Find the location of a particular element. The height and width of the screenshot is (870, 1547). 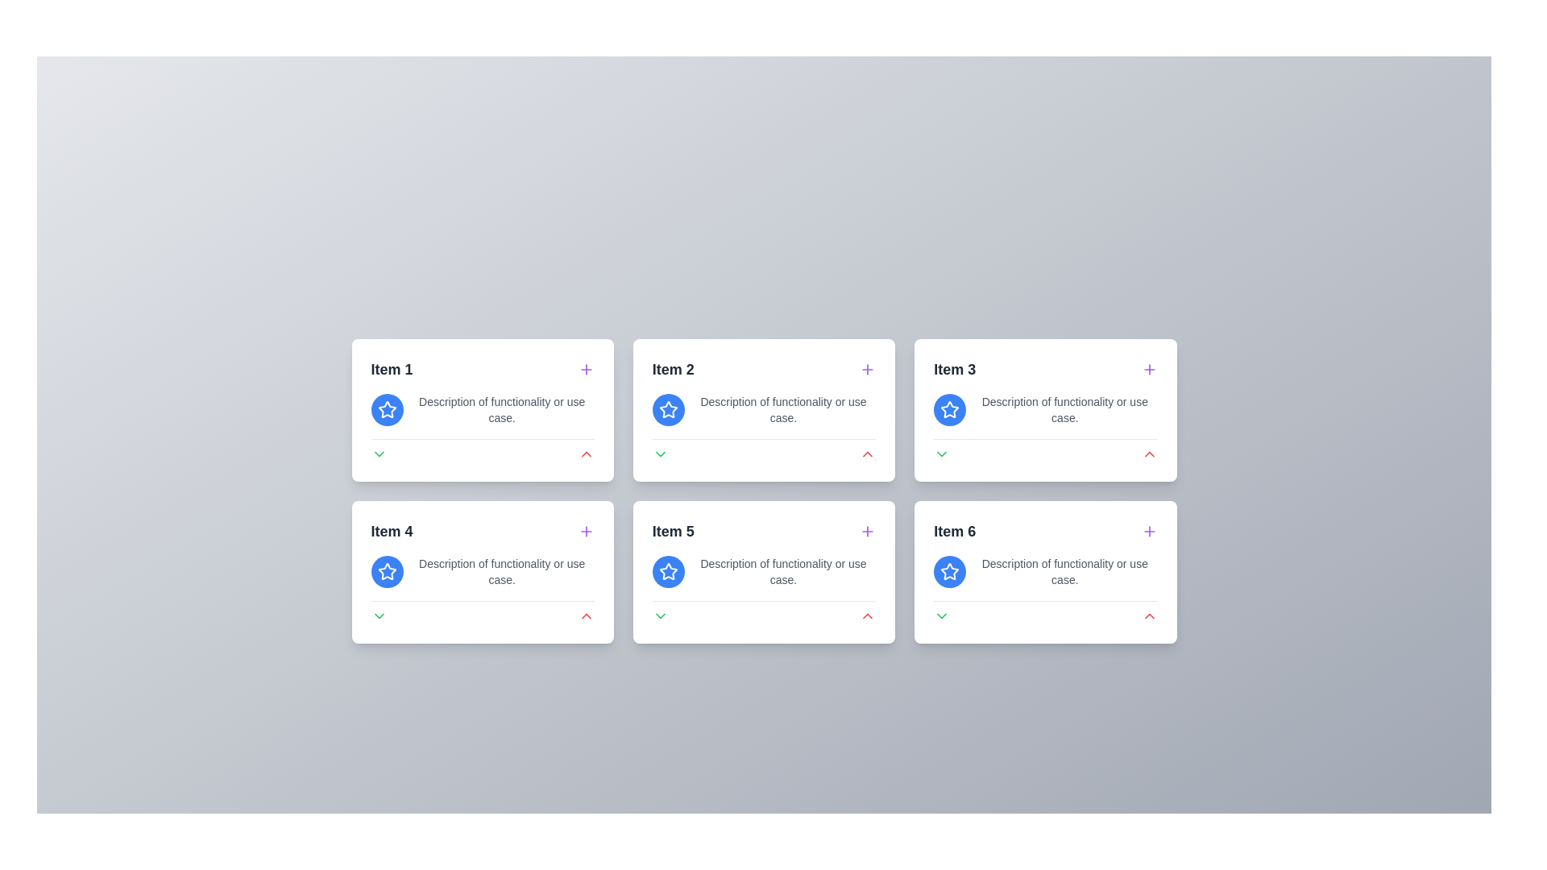

text content of the text label displaying 'Description of functionality or use case.' located within the card labeled 'Item 3' in the grid layout is located at coordinates (1064, 409).